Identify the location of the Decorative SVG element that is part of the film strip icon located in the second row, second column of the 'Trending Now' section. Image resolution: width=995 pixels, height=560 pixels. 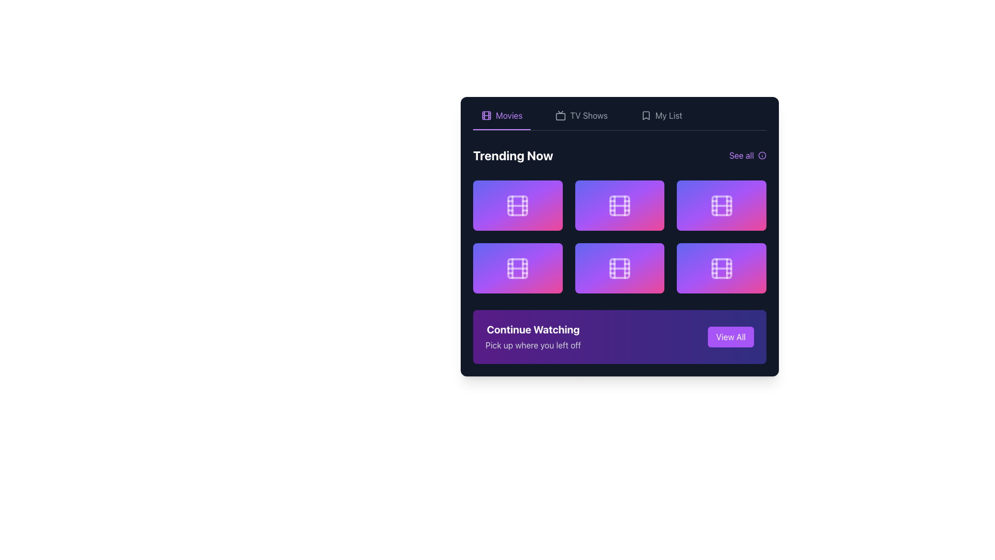
(619, 205).